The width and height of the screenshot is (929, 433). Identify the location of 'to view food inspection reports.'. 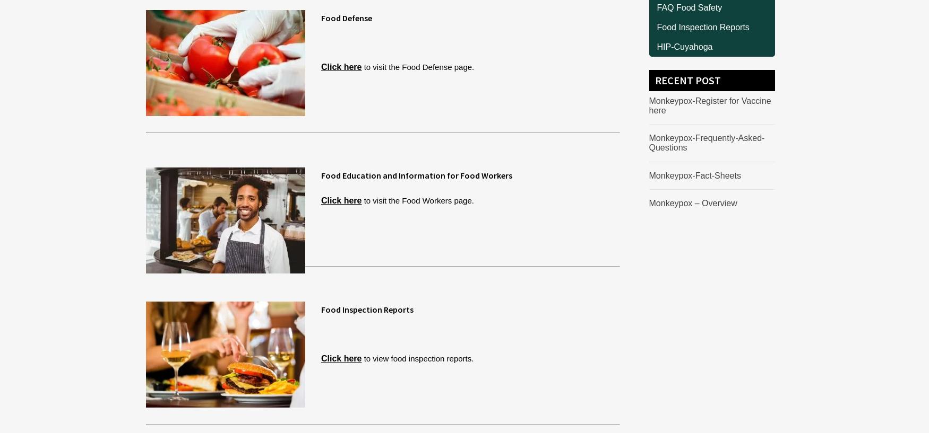
(360, 358).